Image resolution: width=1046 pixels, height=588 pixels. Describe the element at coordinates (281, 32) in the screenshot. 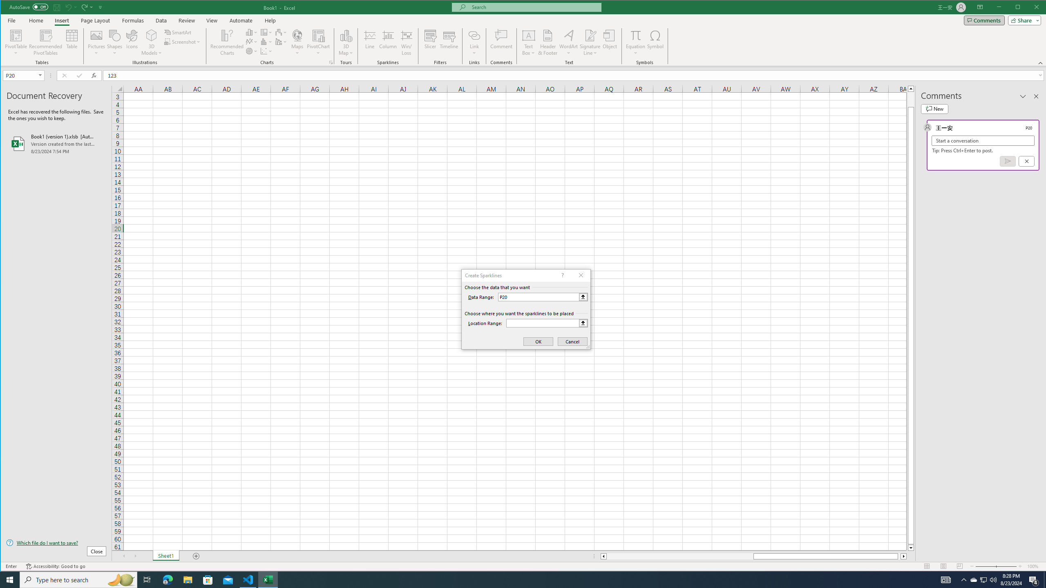

I see `'Insert Waterfall, Funnel, Stock, Surface, or Radar Chart'` at that location.